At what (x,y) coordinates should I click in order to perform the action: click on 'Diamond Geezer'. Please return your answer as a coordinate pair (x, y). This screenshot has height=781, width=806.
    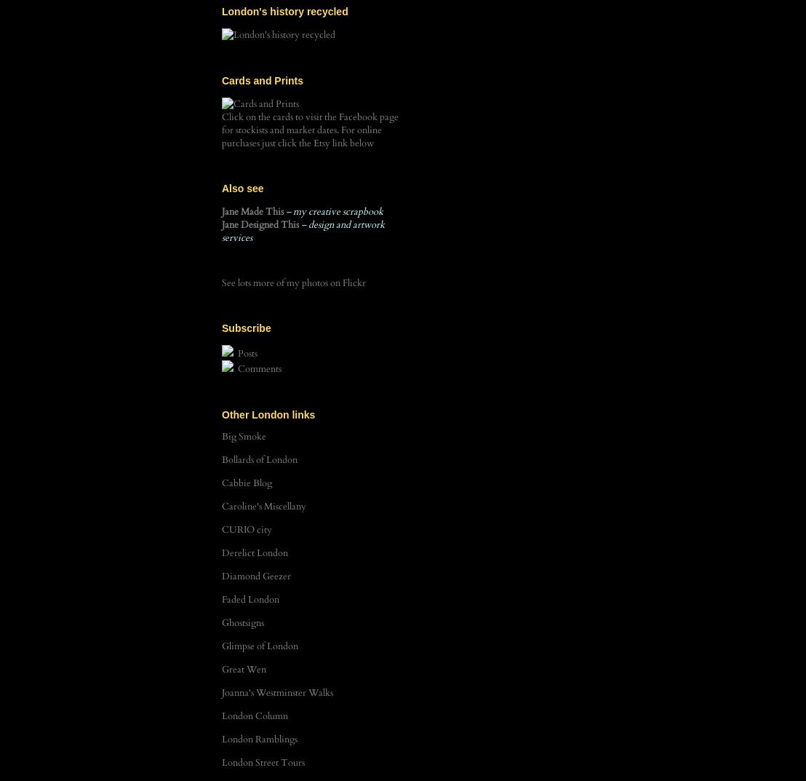
    Looking at the image, I should click on (255, 576).